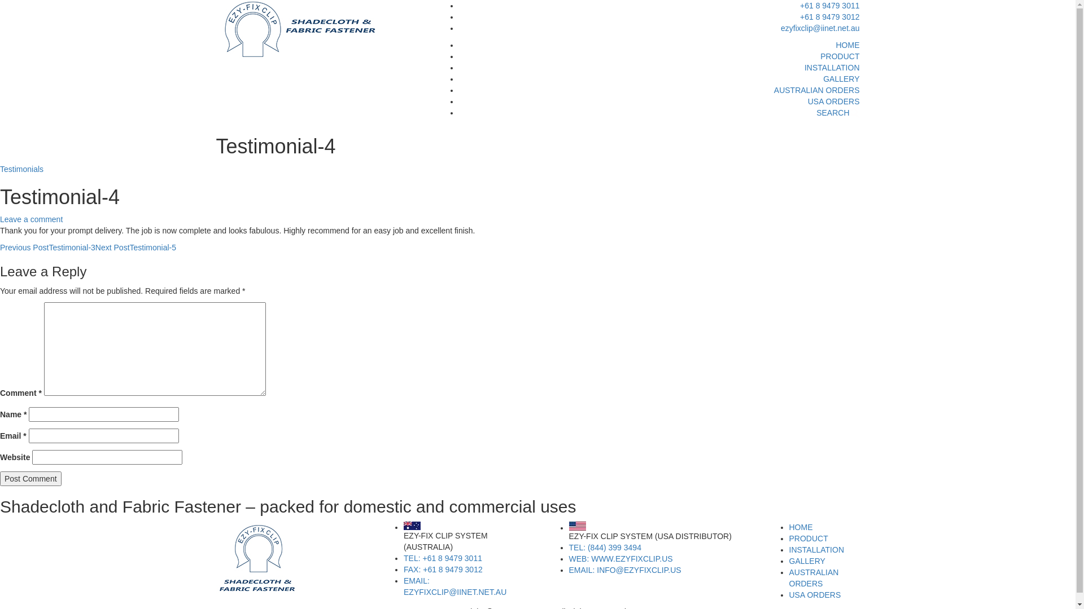  I want to click on 'AUSTRALIAN ORDERS', so click(814, 578).